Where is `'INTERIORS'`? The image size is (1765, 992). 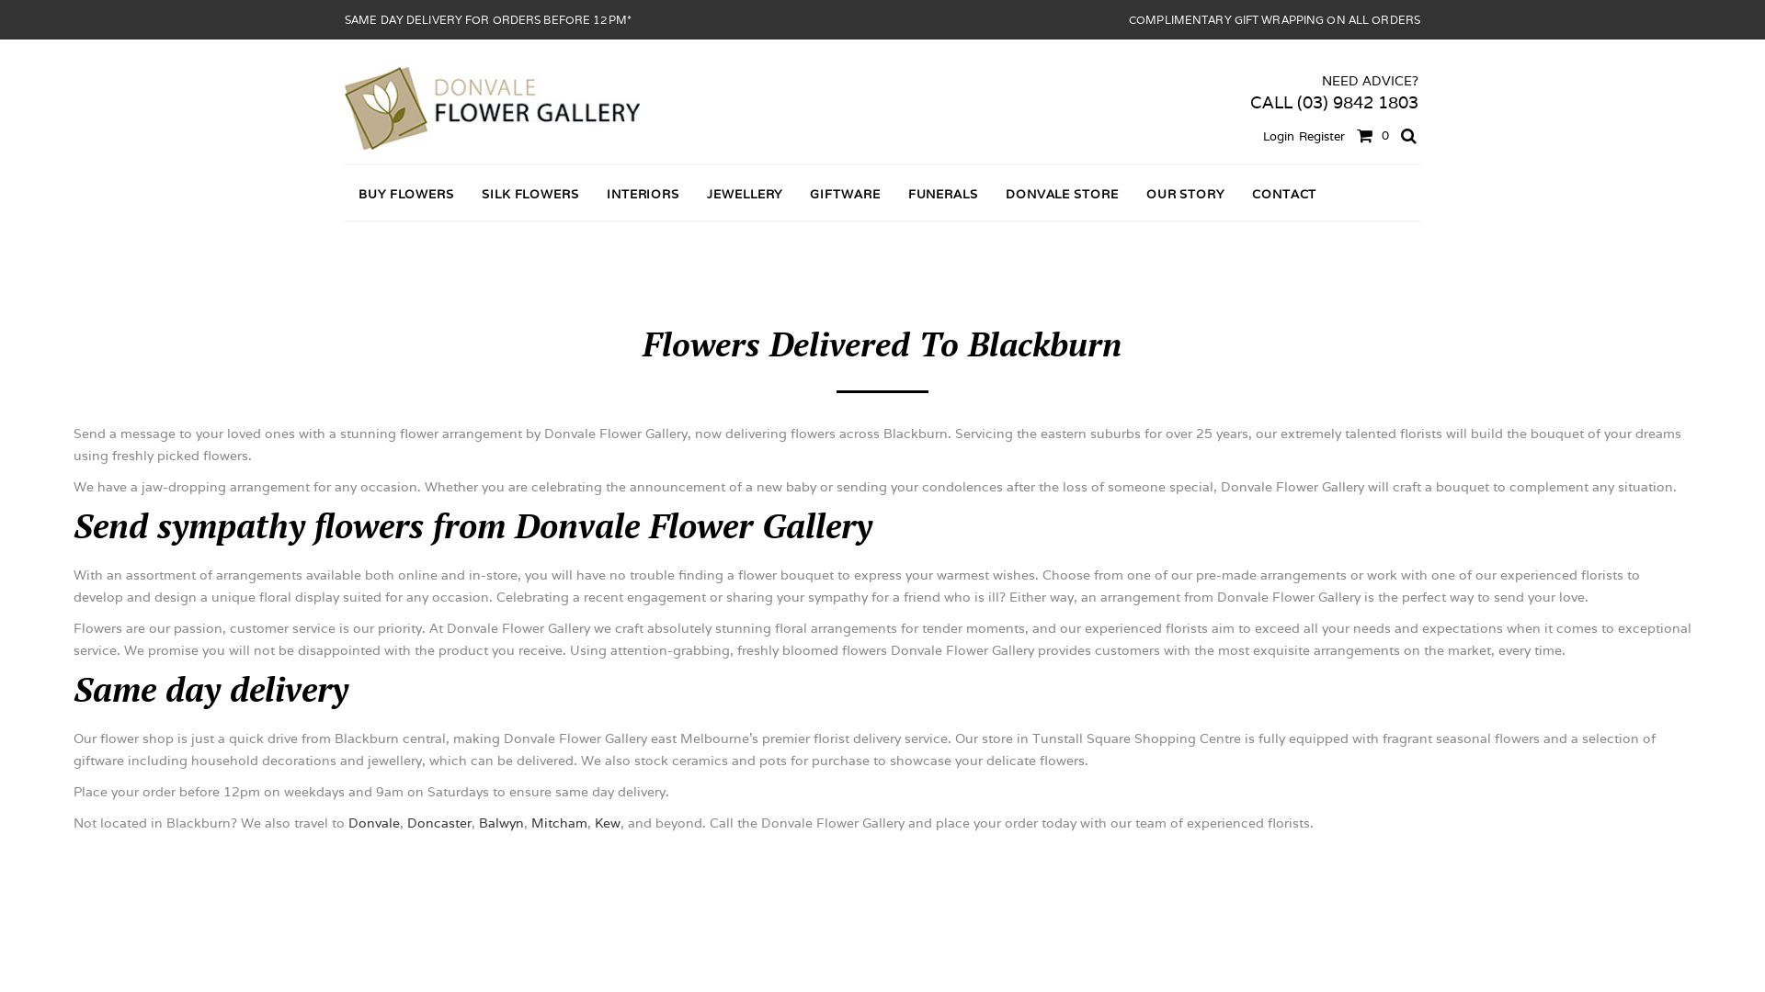
'INTERIORS' is located at coordinates (592, 194).